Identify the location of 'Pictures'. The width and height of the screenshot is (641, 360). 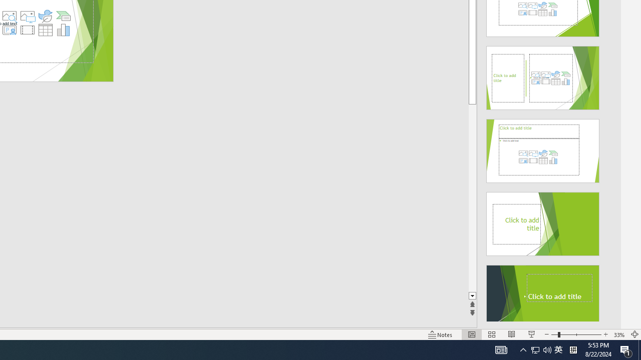
(27, 16).